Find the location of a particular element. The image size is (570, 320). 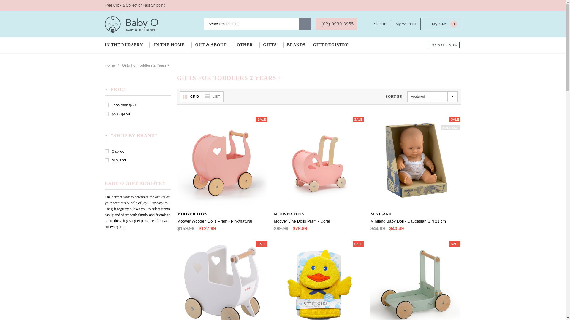

'Featured' is located at coordinates (433, 96).